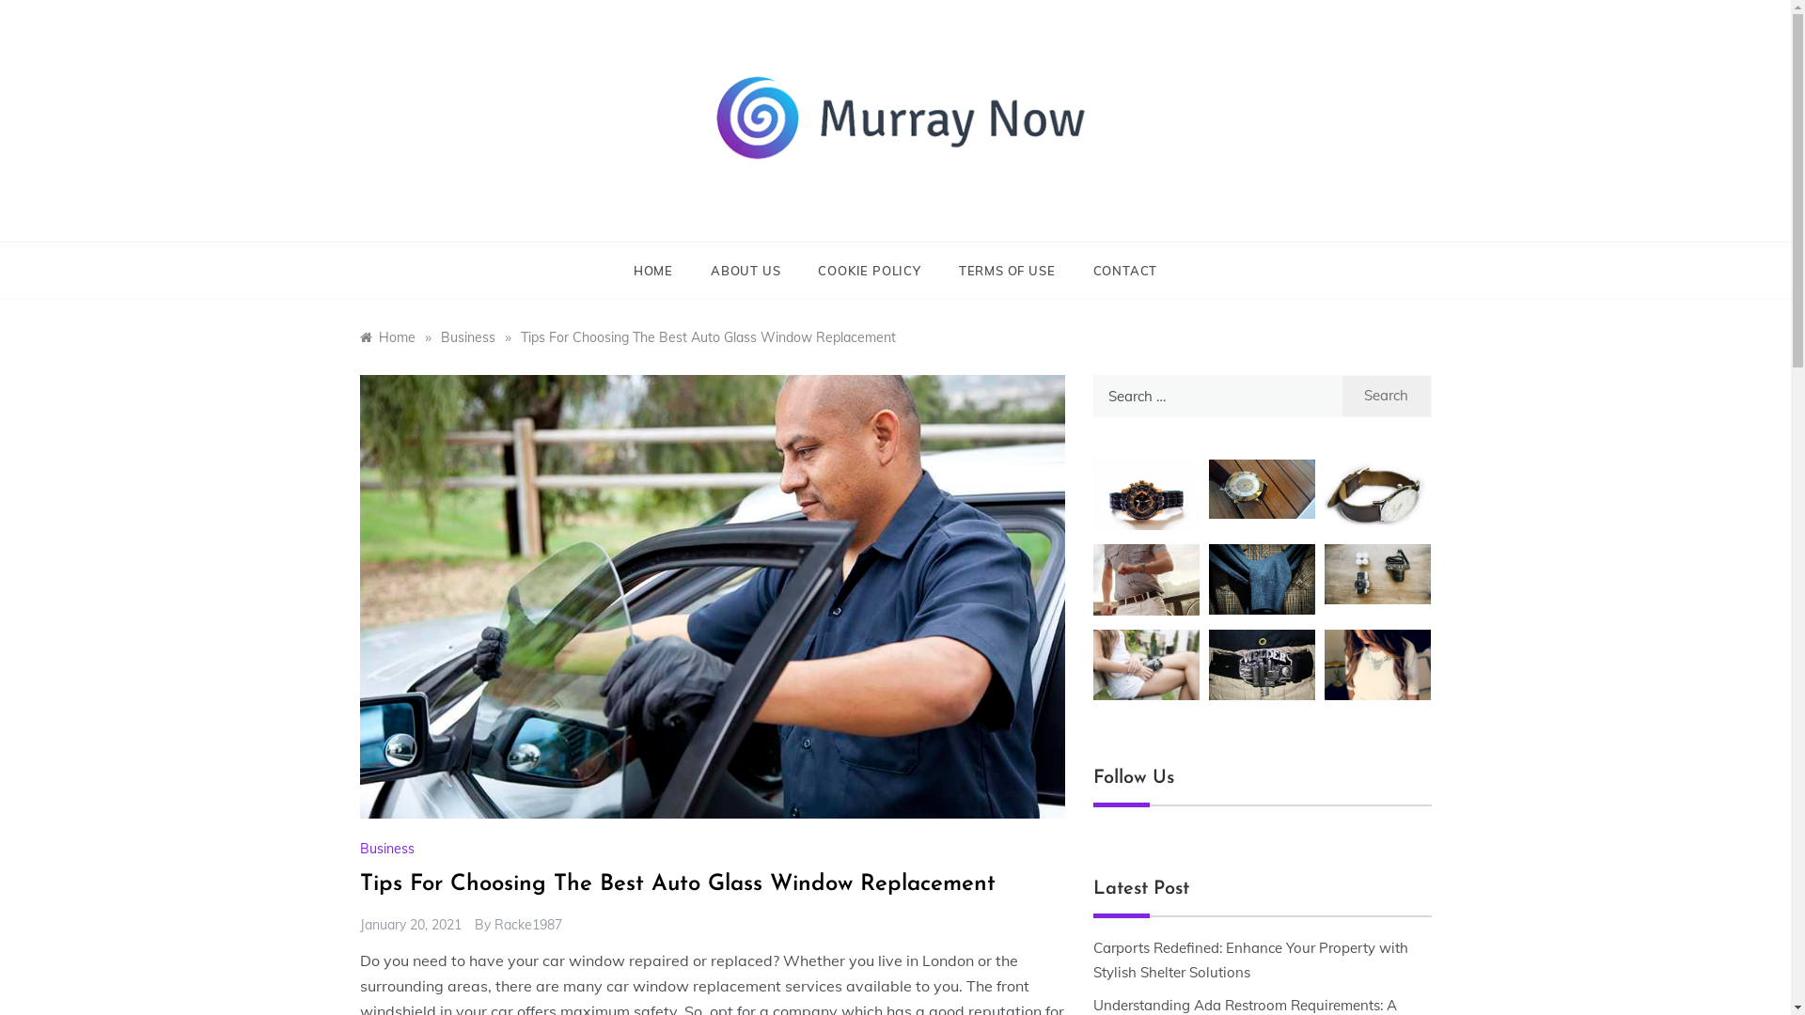 This screenshot has height=1015, width=1805. Describe the element at coordinates (744, 271) in the screenshot. I see `'ABOUT US'` at that location.